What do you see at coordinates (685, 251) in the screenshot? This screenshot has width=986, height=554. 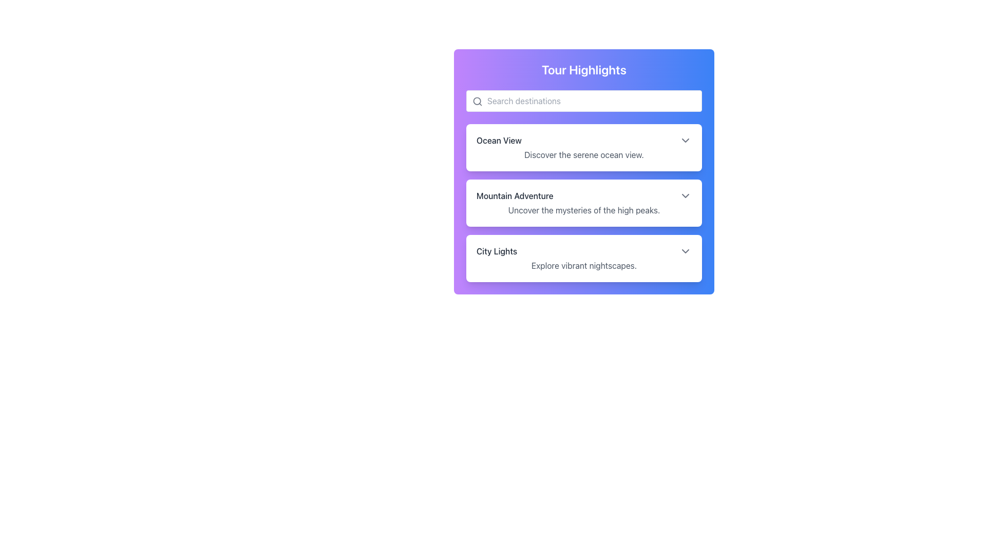 I see `the toggle icon located to the right of the 'City Lights' text` at bounding box center [685, 251].